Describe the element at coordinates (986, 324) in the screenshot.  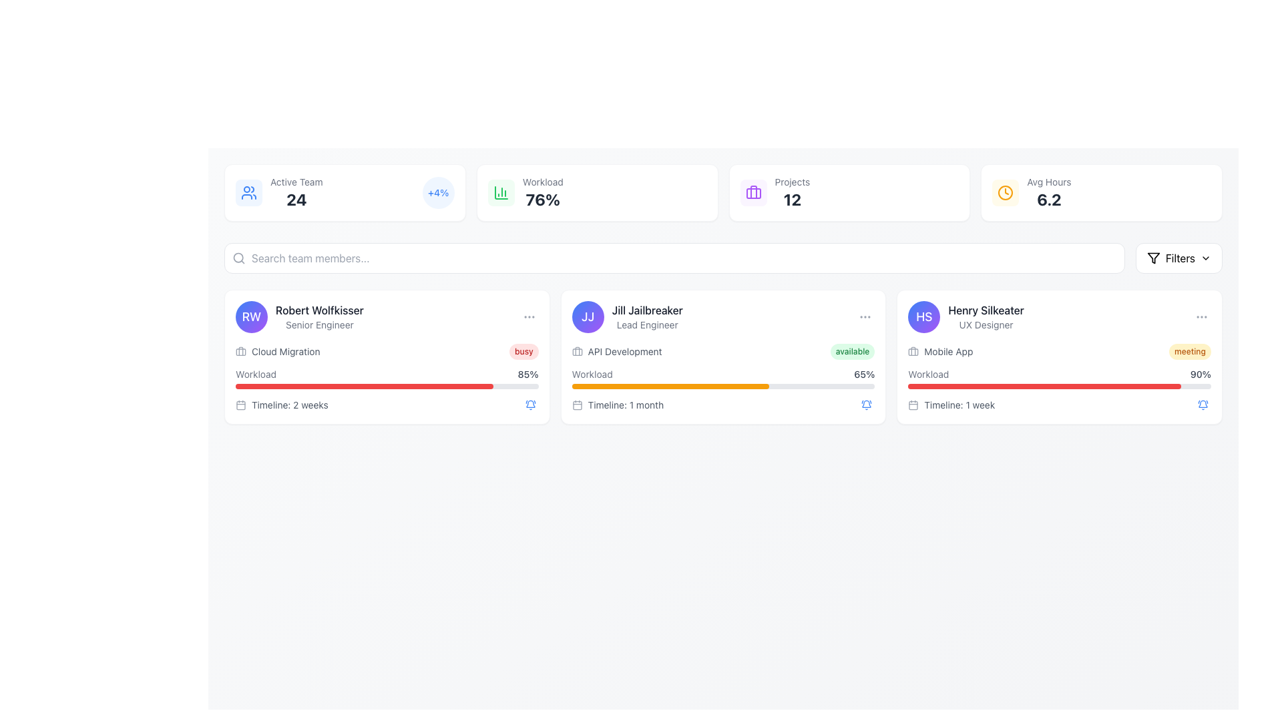
I see `the text label containing 'UX Designer', which is styled in muted gray and positioned beneath 'Henry Silkeater' in the user profile card` at that location.